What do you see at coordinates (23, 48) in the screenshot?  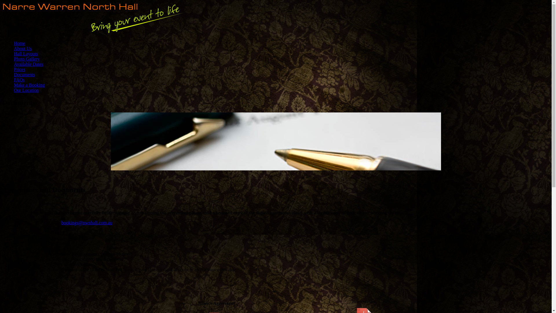 I see `'About Us'` at bounding box center [23, 48].